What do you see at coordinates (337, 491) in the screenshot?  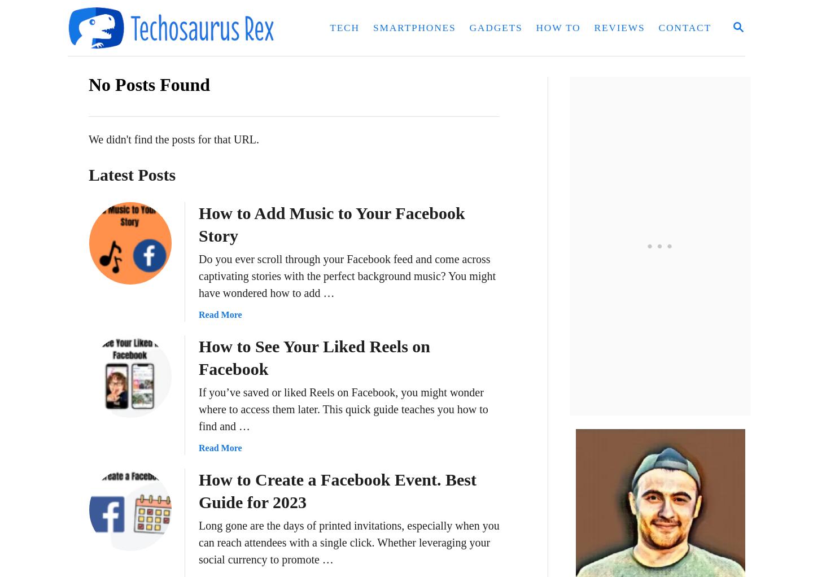 I see `'How to Create a Facebook Event. Best Guide for 2023'` at bounding box center [337, 491].